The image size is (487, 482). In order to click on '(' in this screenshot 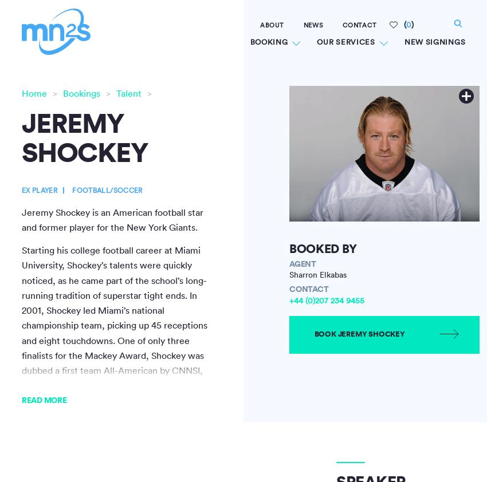, I will do `click(404, 24)`.